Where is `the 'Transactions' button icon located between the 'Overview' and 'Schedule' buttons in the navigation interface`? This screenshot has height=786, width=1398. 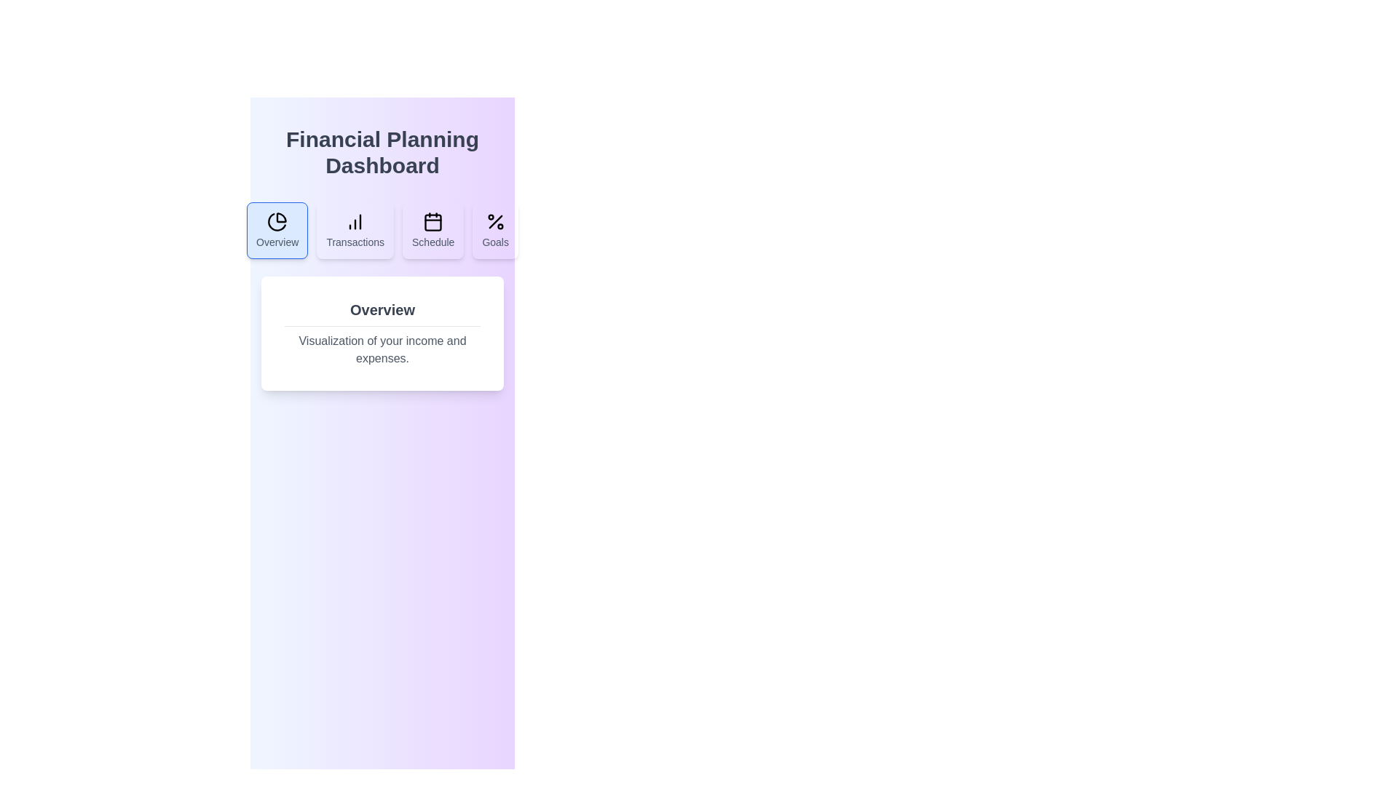 the 'Transactions' button icon located between the 'Overview' and 'Schedule' buttons in the navigation interface is located at coordinates (355, 221).